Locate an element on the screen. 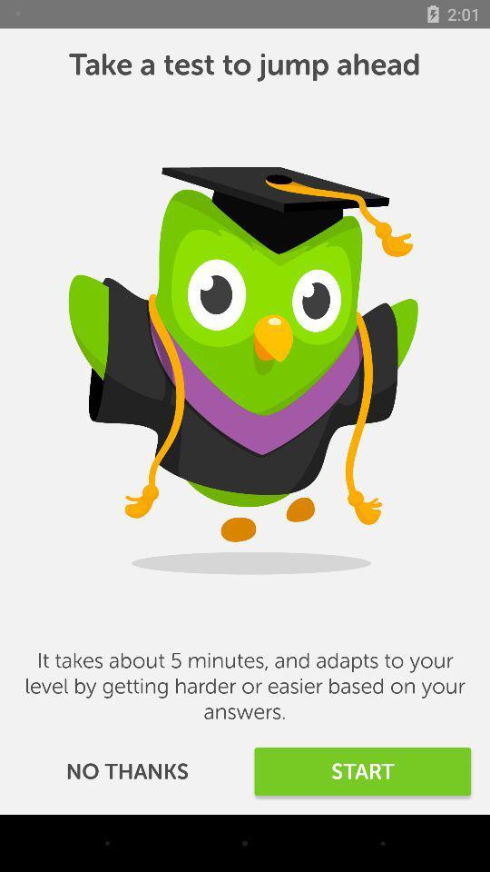 The image size is (490, 872). the item next to the start icon is located at coordinates (126, 770).